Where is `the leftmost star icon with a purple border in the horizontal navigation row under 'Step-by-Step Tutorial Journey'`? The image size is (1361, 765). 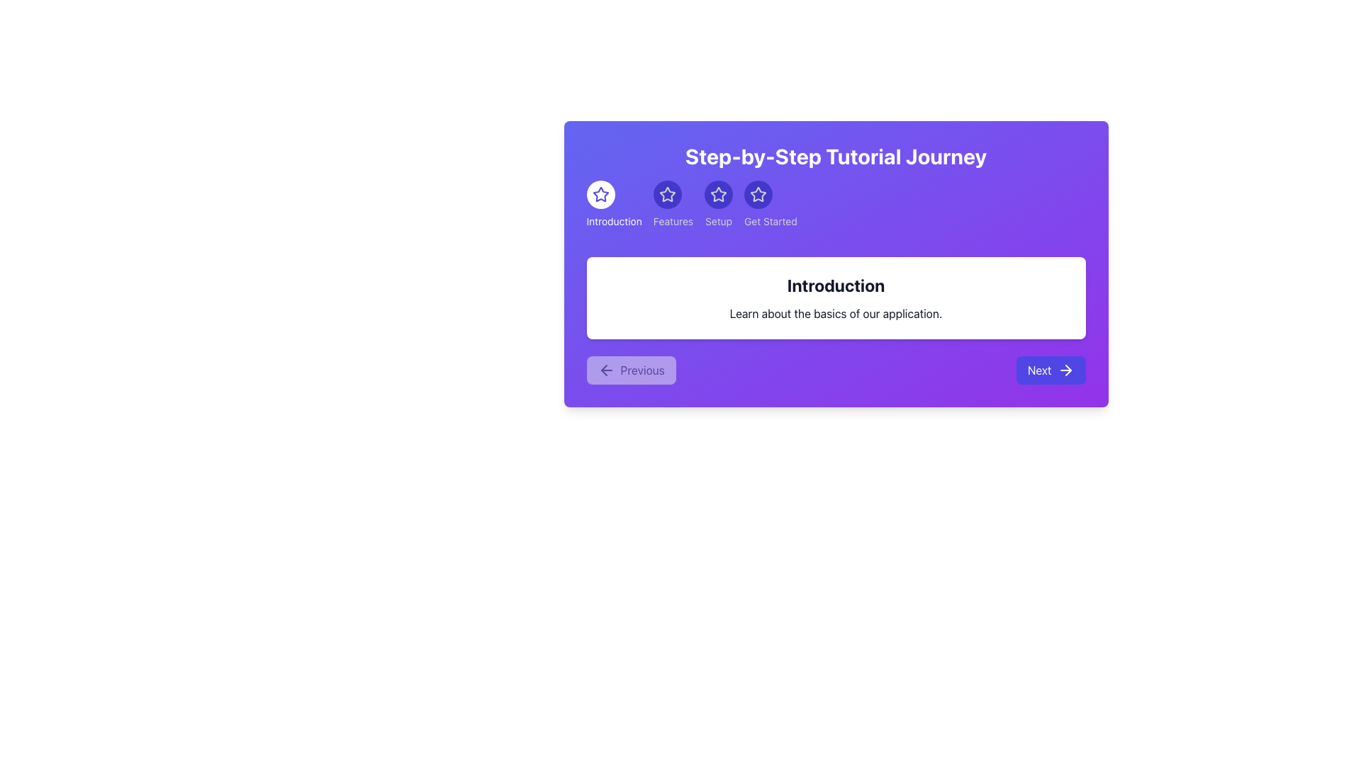
the leftmost star icon with a purple border in the horizontal navigation row under 'Step-by-Step Tutorial Journey' is located at coordinates (600, 194).